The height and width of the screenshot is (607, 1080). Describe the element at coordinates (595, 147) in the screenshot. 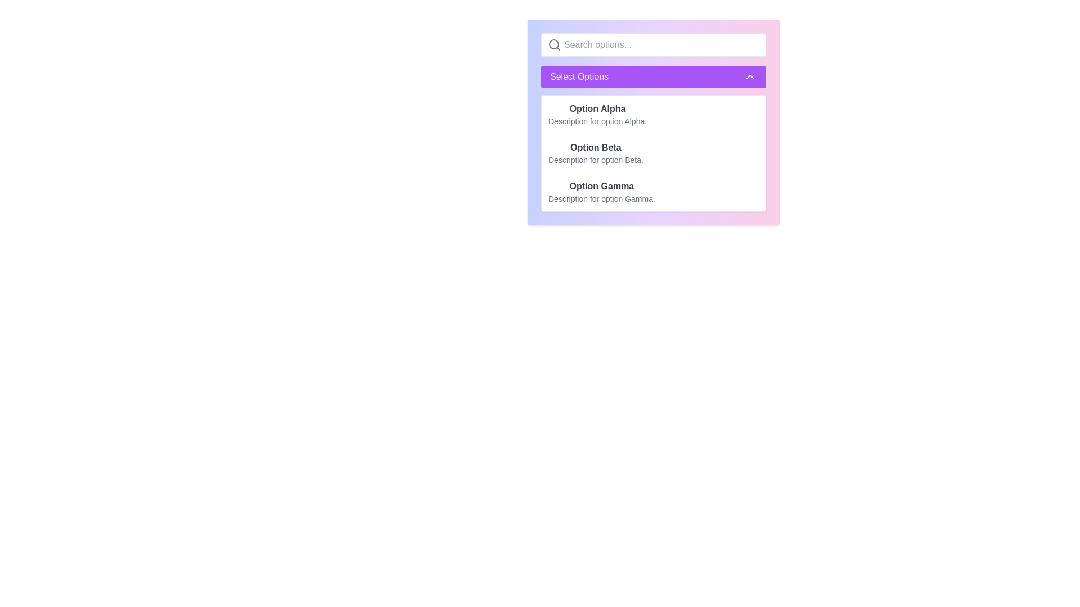

I see `text of the label displaying 'Option Beta', which is the title of the second option in the dropdown list, positioned between 'Option Alpha' and 'Option Gamma'` at that location.